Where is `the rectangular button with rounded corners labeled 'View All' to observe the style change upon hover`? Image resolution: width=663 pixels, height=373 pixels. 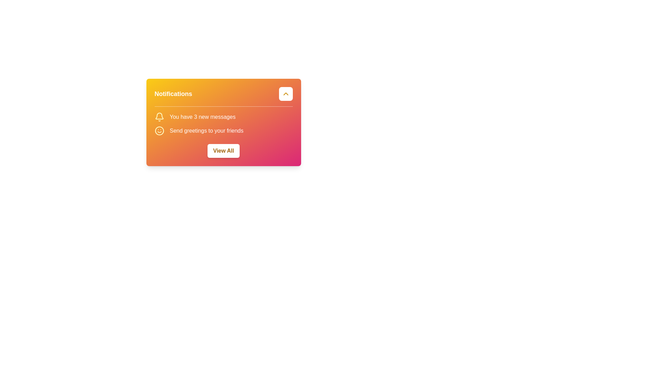 the rectangular button with rounded corners labeled 'View All' to observe the style change upon hover is located at coordinates (223, 150).